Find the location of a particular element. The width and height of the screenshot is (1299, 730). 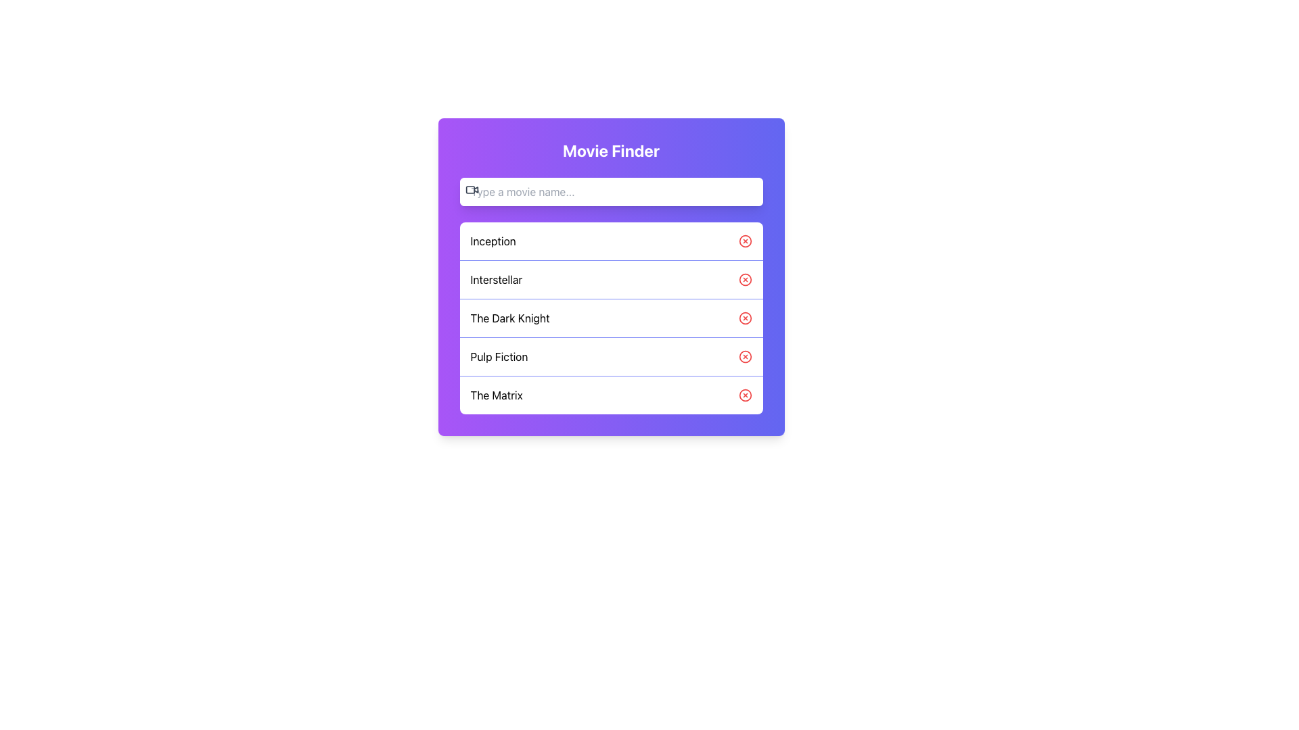

the red circular icon with an 'X' inside, located to the far right of the 'Interstellar' list entry is located at coordinates (744, 278).